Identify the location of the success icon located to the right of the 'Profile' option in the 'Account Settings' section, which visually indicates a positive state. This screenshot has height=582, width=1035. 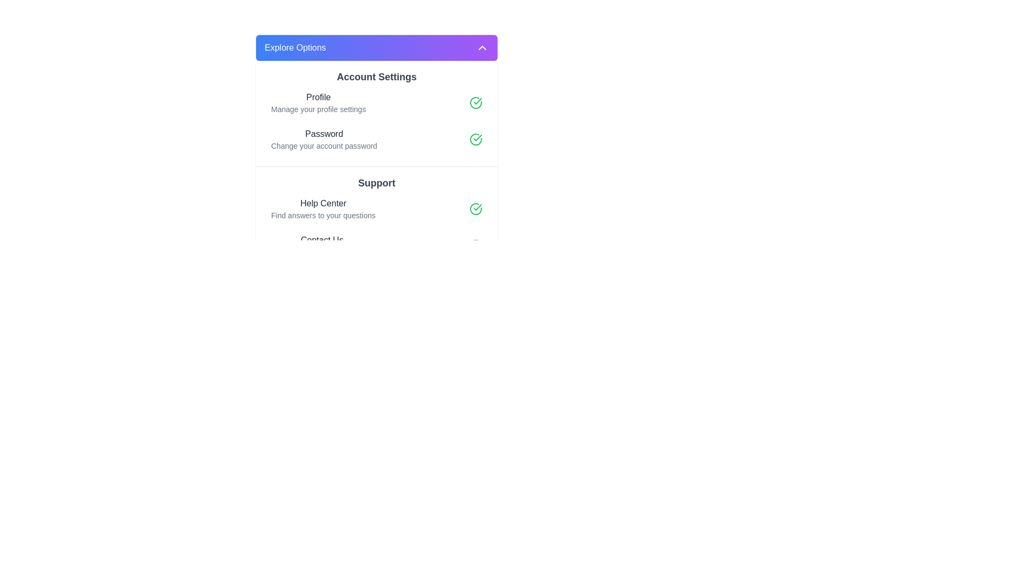
(475, 138).